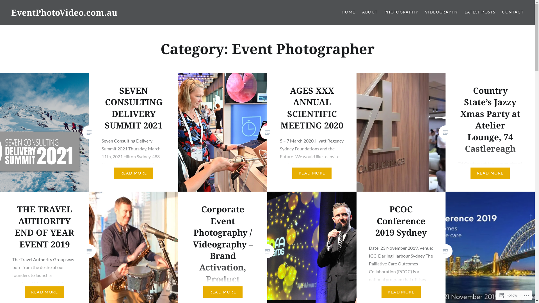 The image size is (539, 303). I want to click on 'PCOC Conference 2019 Sydney', so click(401, 221).